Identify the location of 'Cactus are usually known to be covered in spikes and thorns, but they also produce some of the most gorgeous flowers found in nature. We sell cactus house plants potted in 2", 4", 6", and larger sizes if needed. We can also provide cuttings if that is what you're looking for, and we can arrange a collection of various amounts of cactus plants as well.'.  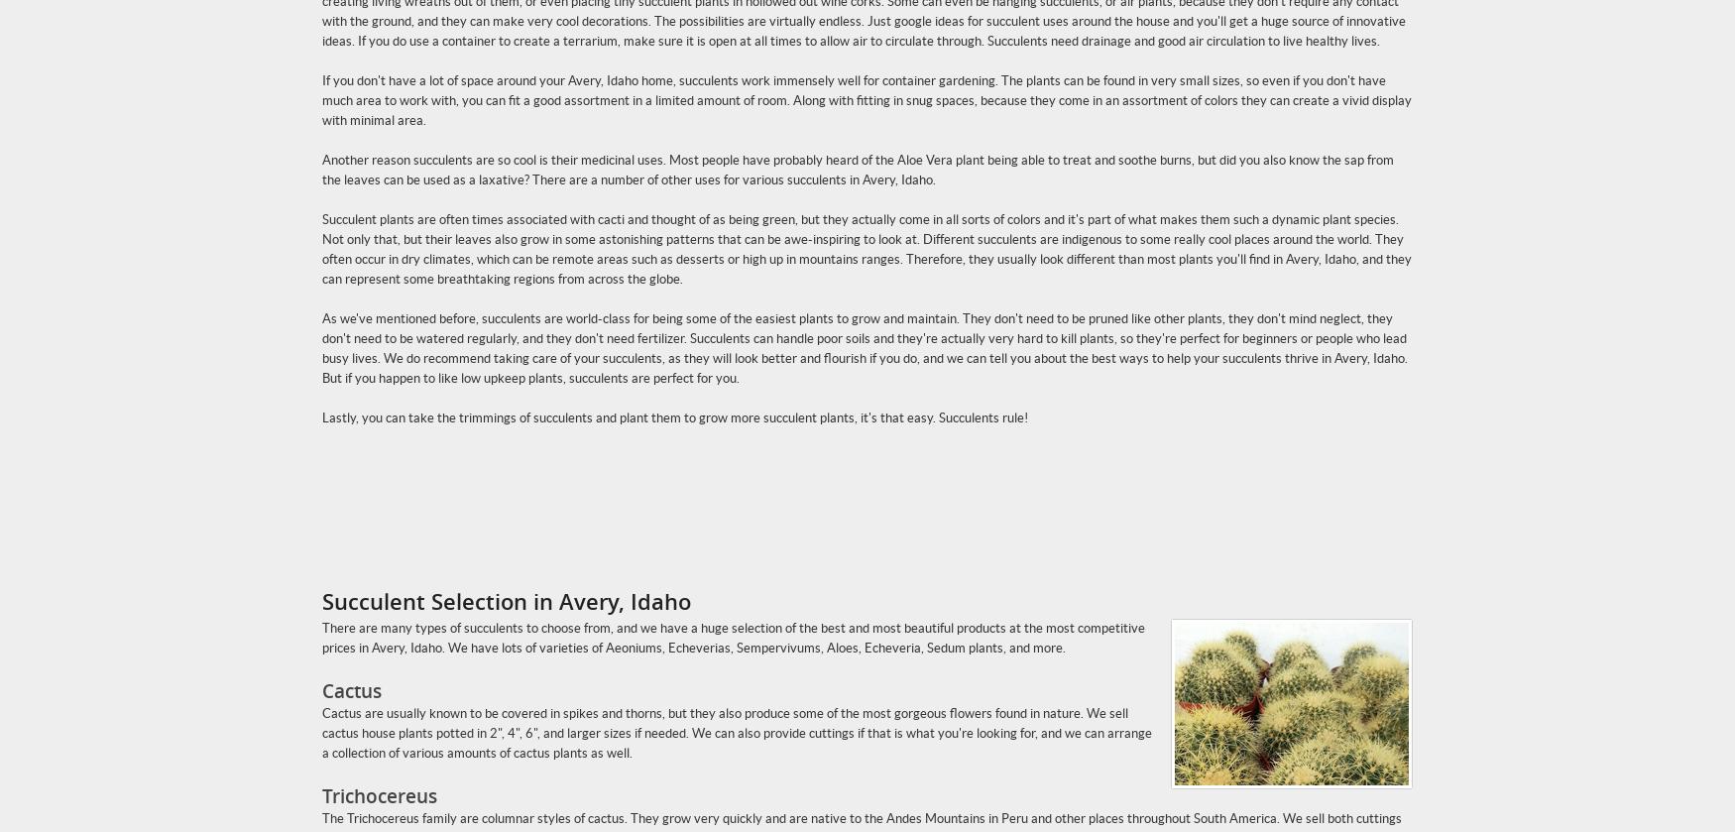
(737, 732).